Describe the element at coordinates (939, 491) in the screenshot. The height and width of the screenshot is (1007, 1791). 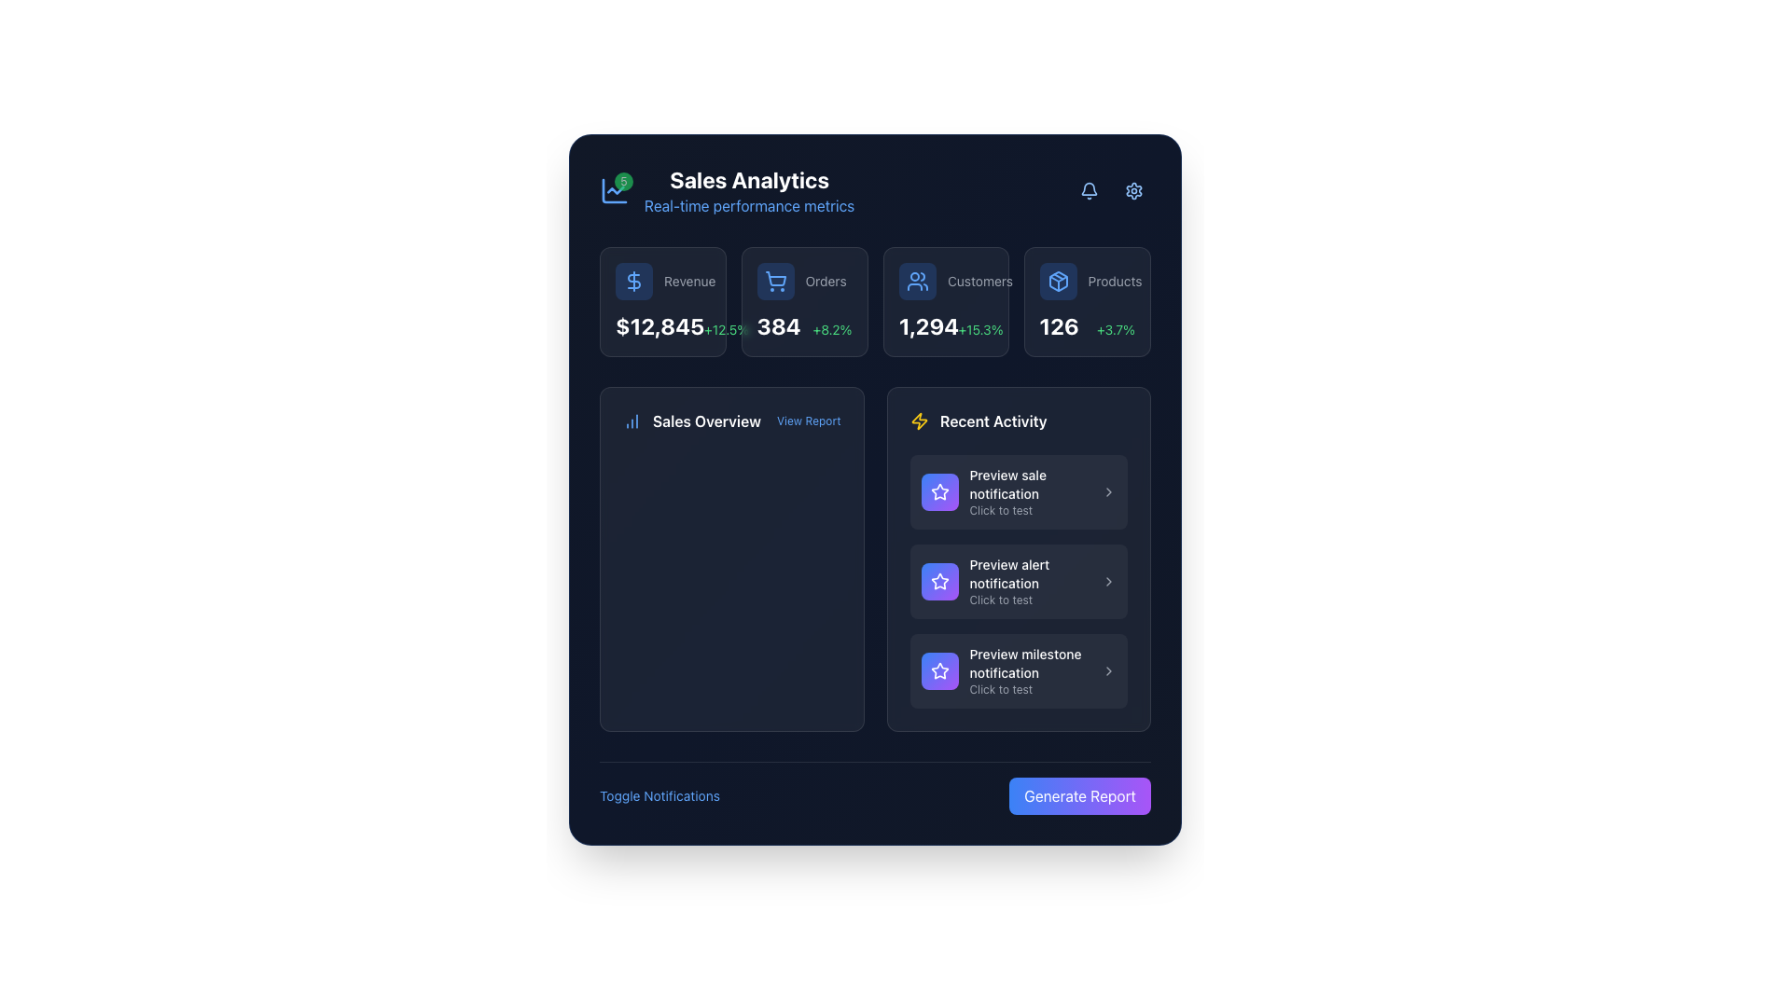
I see `the square-shaped icon button with a gradient background transitioning from blue to purple, featuring a centered white star icon, located in the 'Recent Activity' section next to 'Preview sale notification'` at that location.